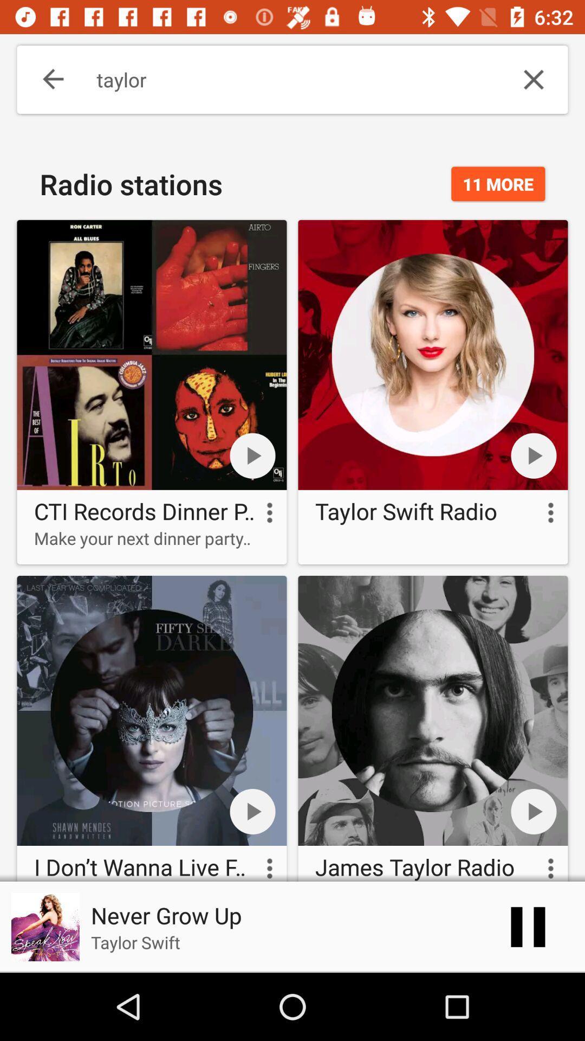  What do you see at coordinates (498, 184) in the screenshot?
I see `icon to the right of the radio stations icon` at bounding box center [498, 184].